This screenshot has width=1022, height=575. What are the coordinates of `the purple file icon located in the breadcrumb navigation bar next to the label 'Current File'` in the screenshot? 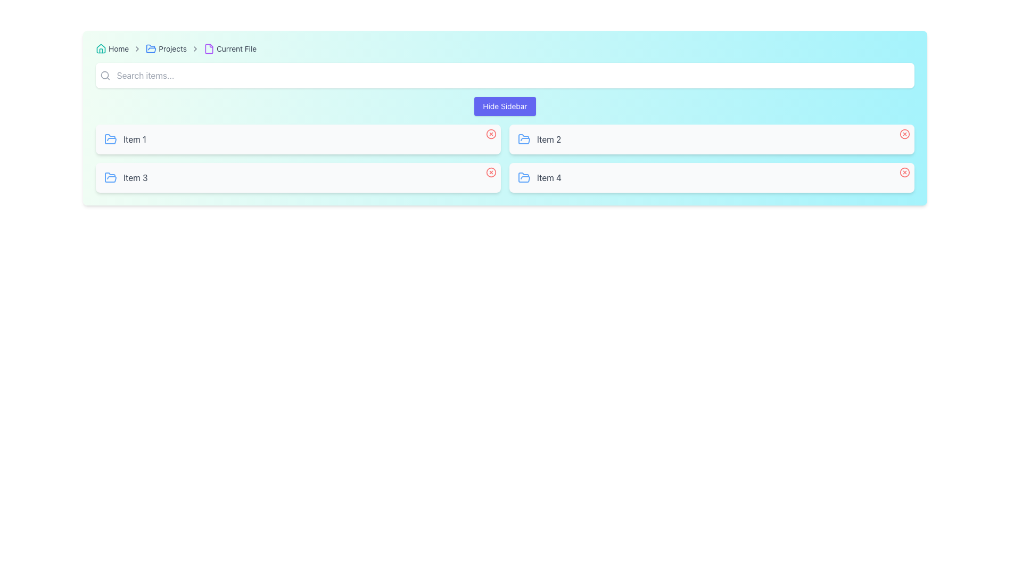 It's located at (209, 49).